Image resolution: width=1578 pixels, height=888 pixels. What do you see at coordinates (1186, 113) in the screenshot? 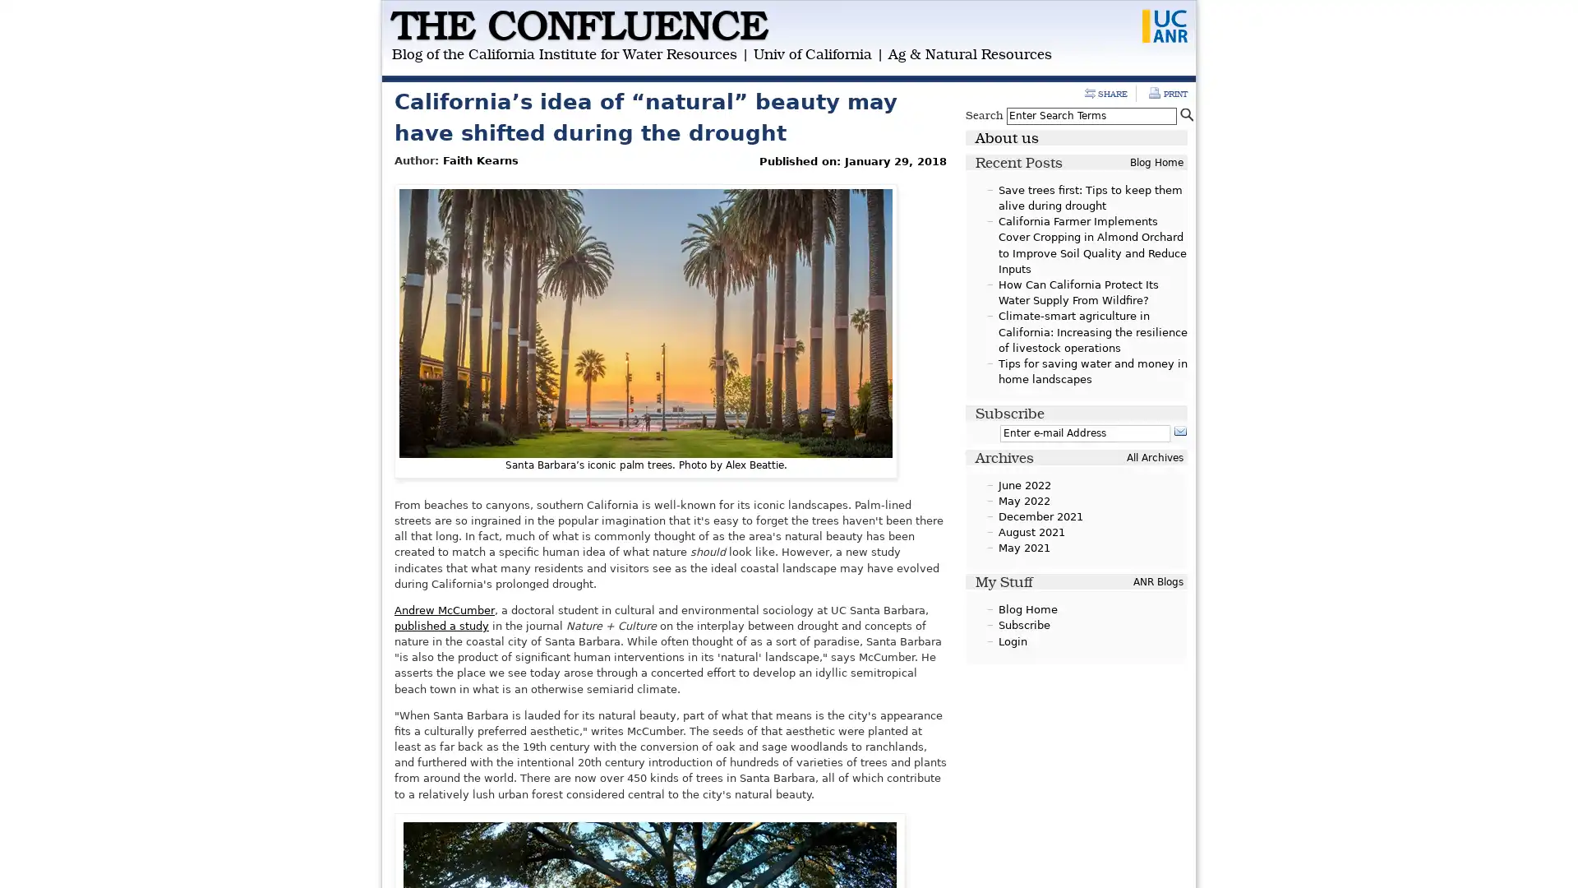
I see `Search` at bounding box center [1186, 113].